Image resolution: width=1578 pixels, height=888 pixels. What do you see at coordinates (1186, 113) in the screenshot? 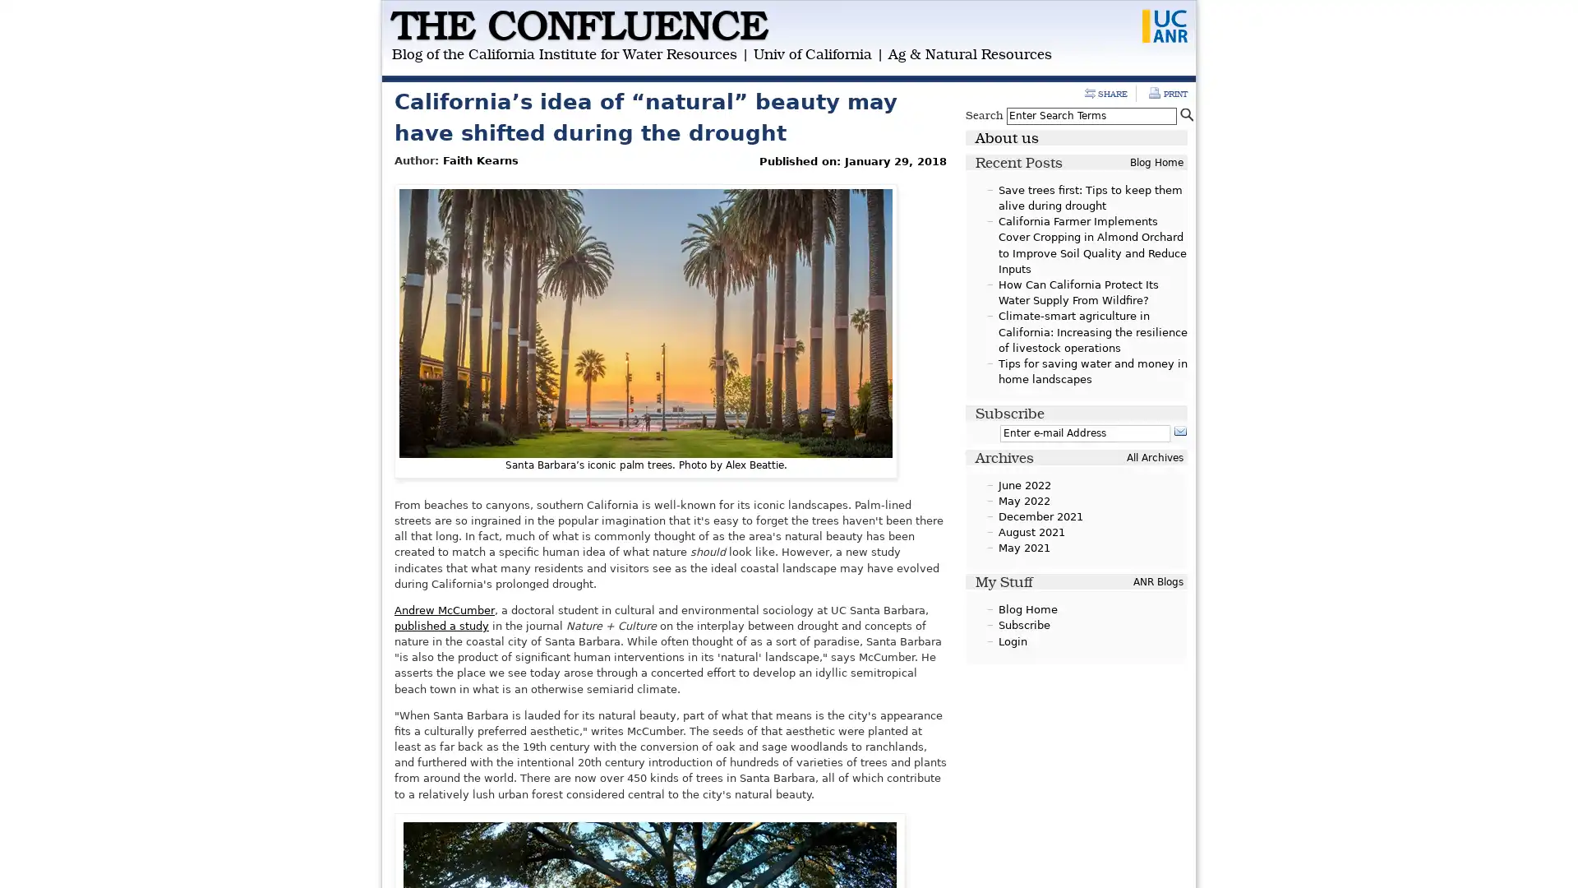
I see `Search` at bounding box center [1186, 113].